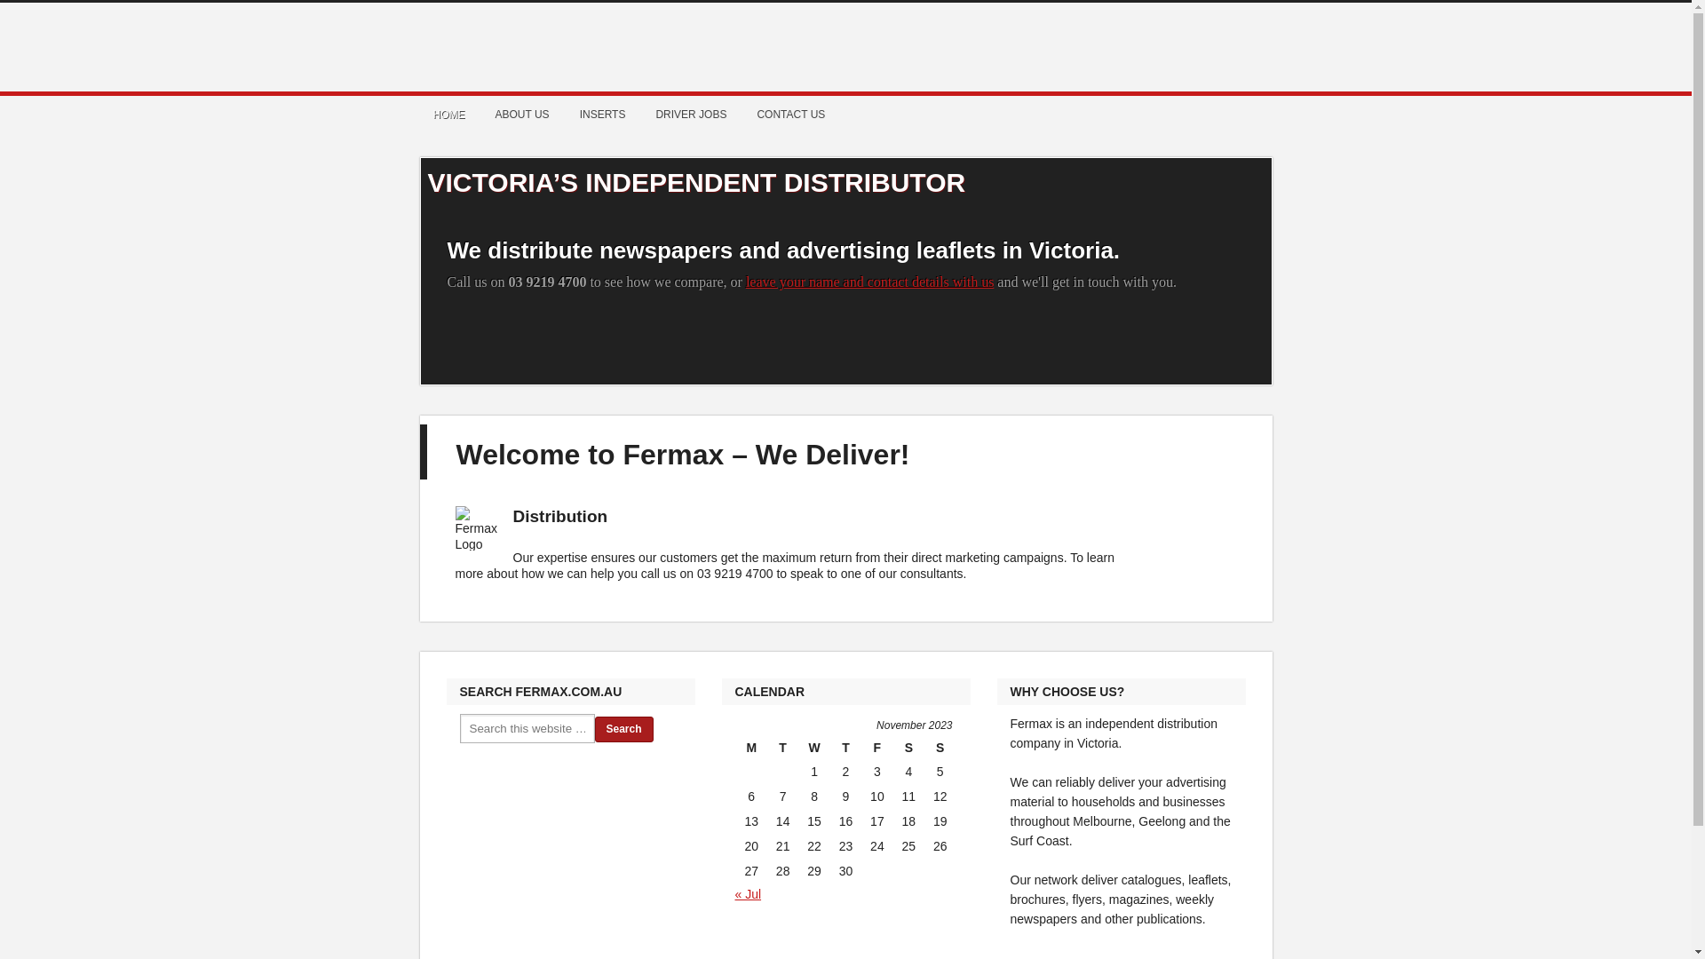  I want to click on 'Search', so click(623, 729).